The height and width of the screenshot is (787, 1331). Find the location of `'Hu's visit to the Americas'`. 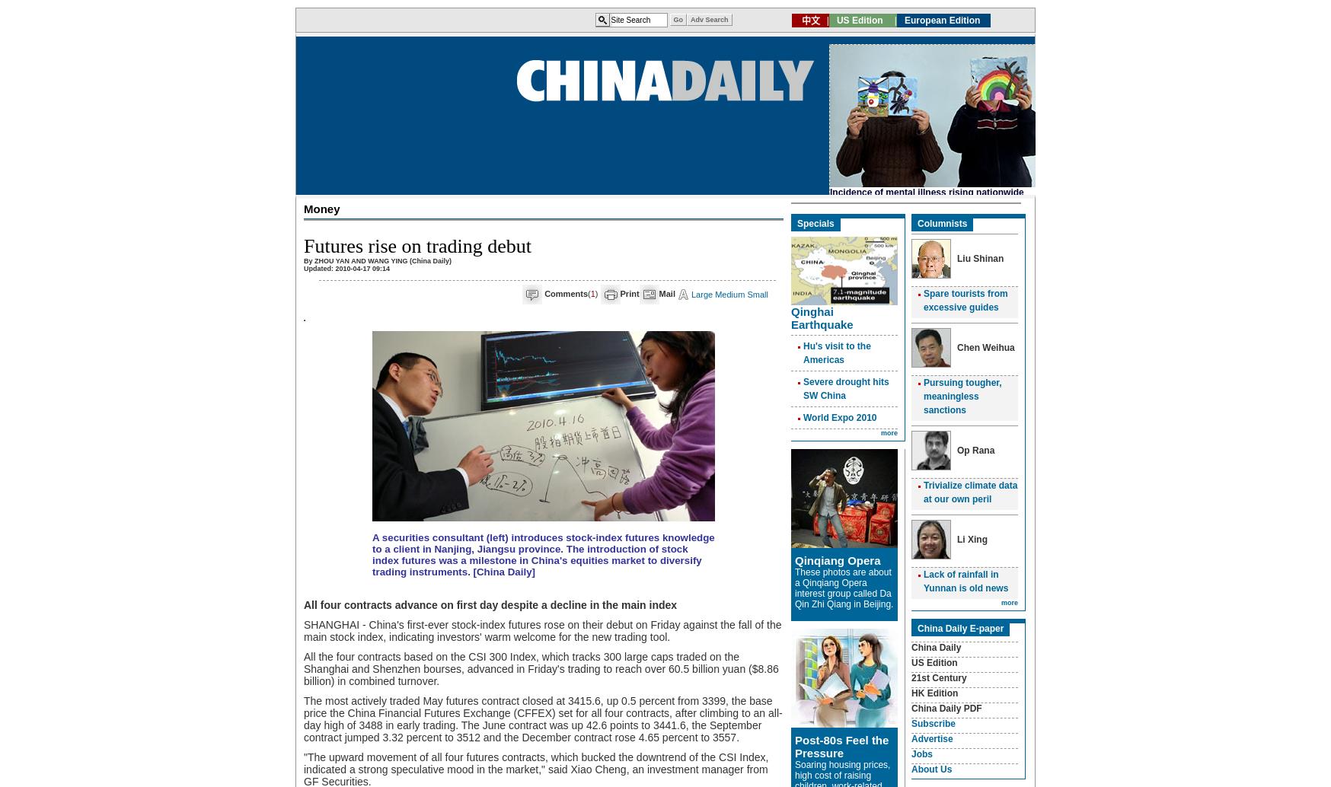

'Hu's visit to the Americas' is located at coordinates (836, 352).